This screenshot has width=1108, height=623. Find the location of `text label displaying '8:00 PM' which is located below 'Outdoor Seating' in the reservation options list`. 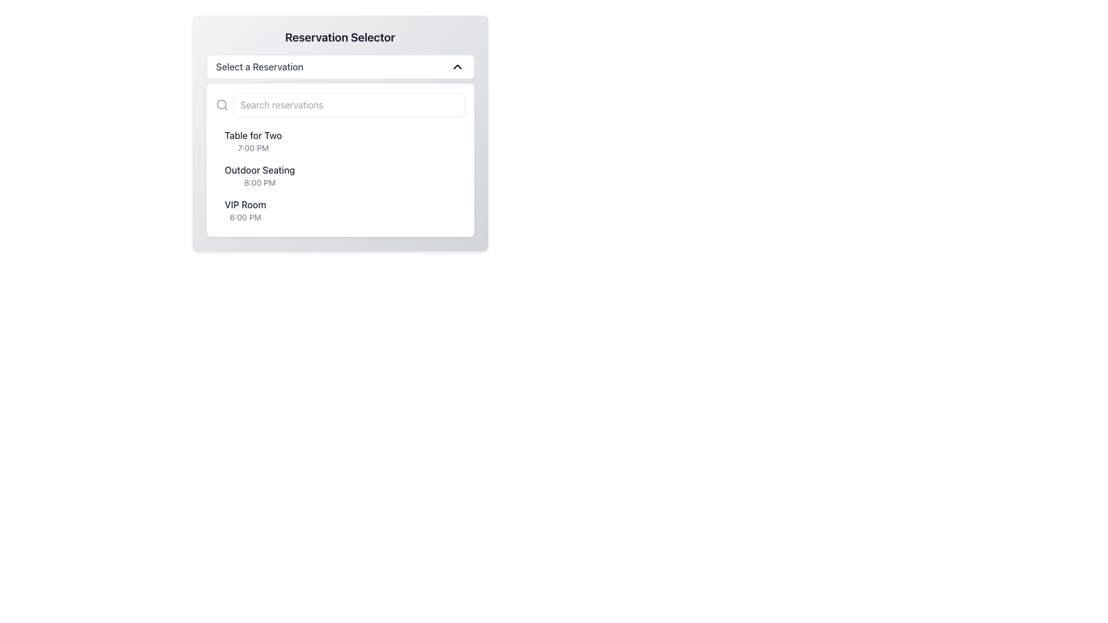

text label displaying '8:00 PM' which is located below 'Outdoor Seating' in the reservation options list is located at coordinates (259, 182).